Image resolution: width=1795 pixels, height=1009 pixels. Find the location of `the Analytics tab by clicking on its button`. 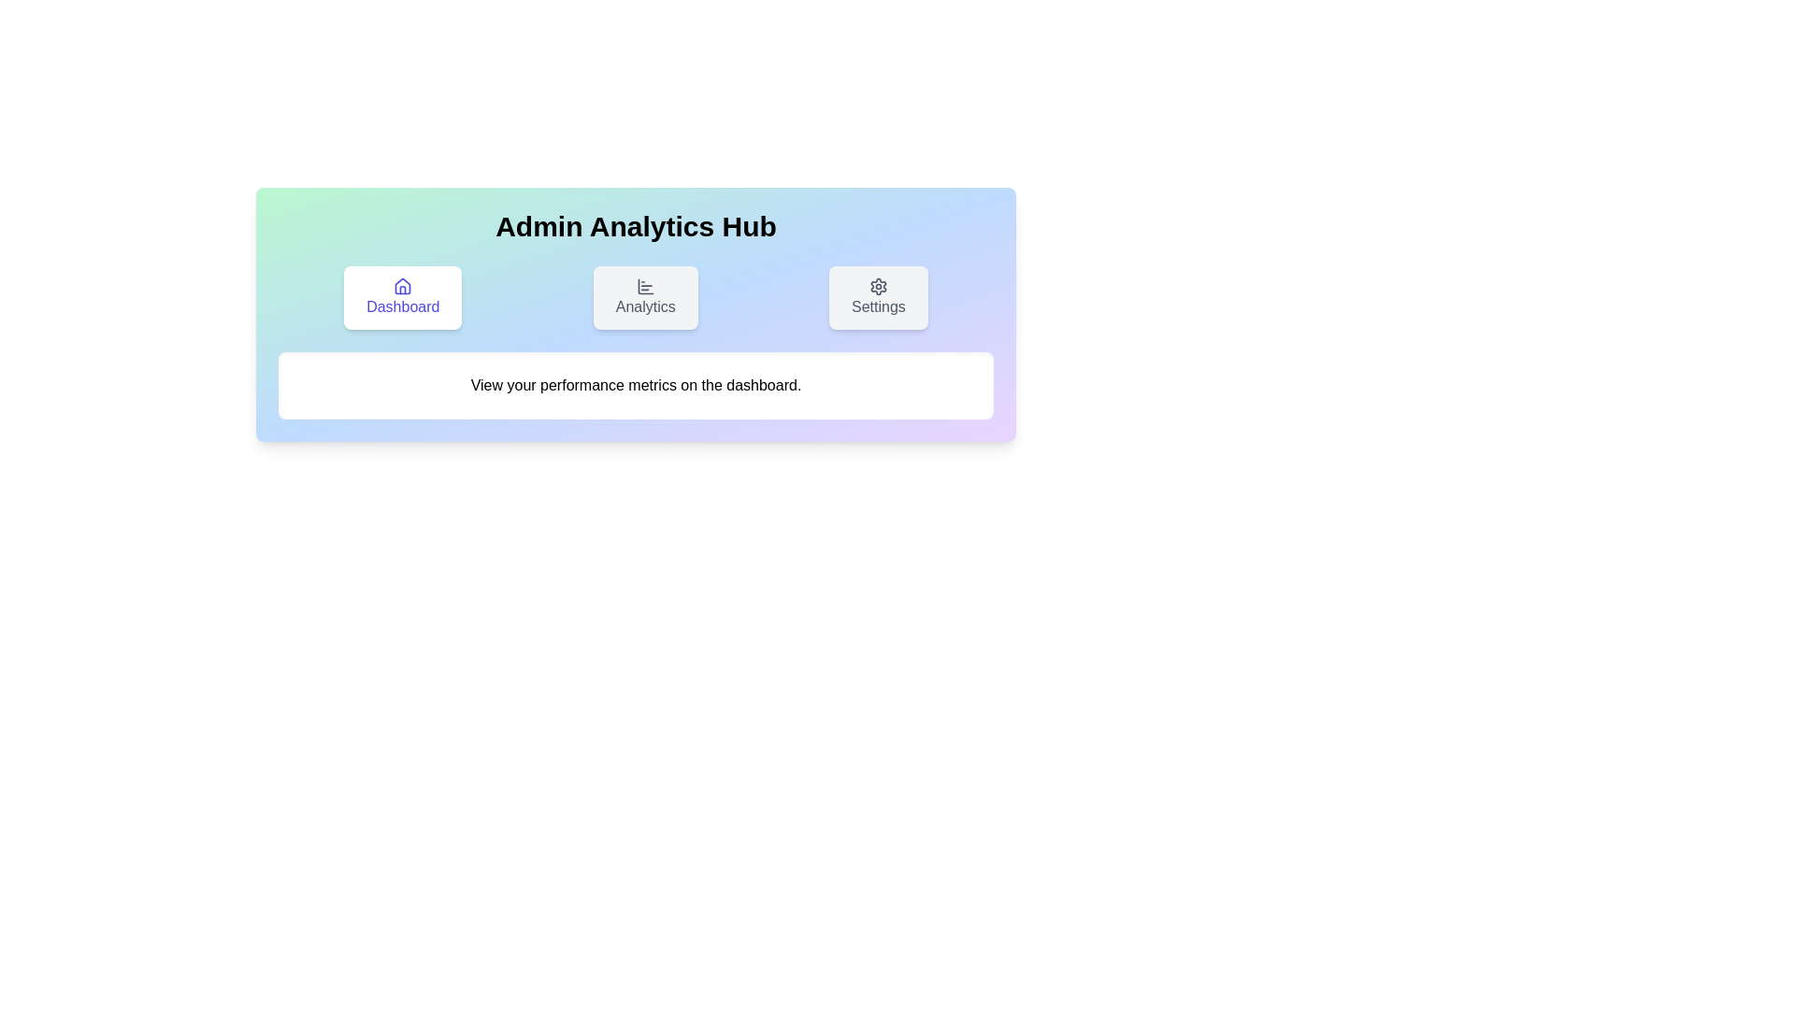

the Analytics tab by clicking on its button is located at coordinates (645, 297).